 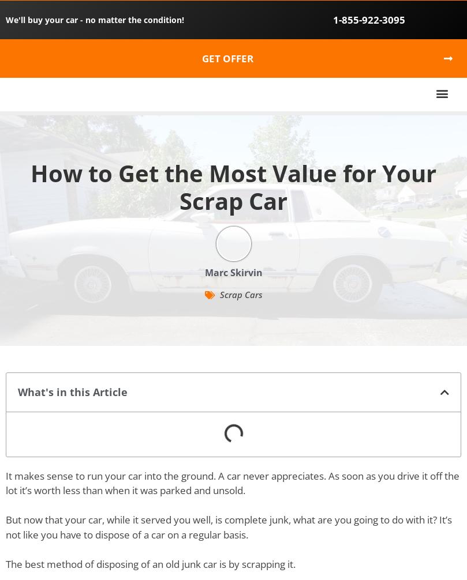 I want to click on 'The best method of disposing of an old junk car is by scrapping it.', so click(x=150, y=563).